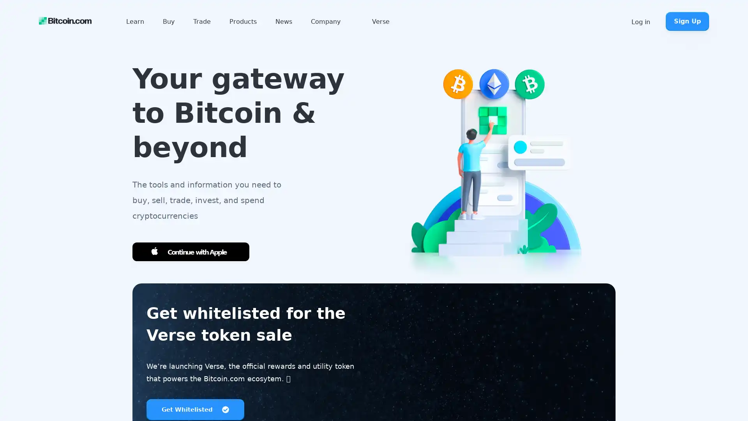 The height and width of the screenshot is (421, 748). Describe the element at coordinates (191, 252) in the screenshot. I see `Continue with Apple` at that location.